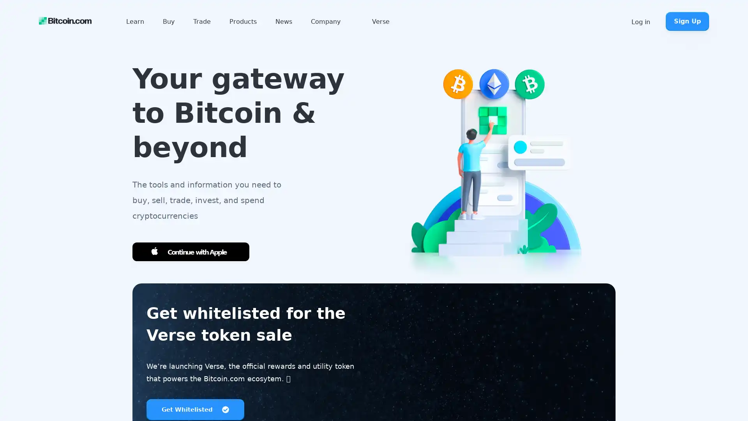 The height and width of the screenshot is (421, 748). Describe the element at coordinates (191, 252) in the screenshot. I see `Continue with Apple` at that location.